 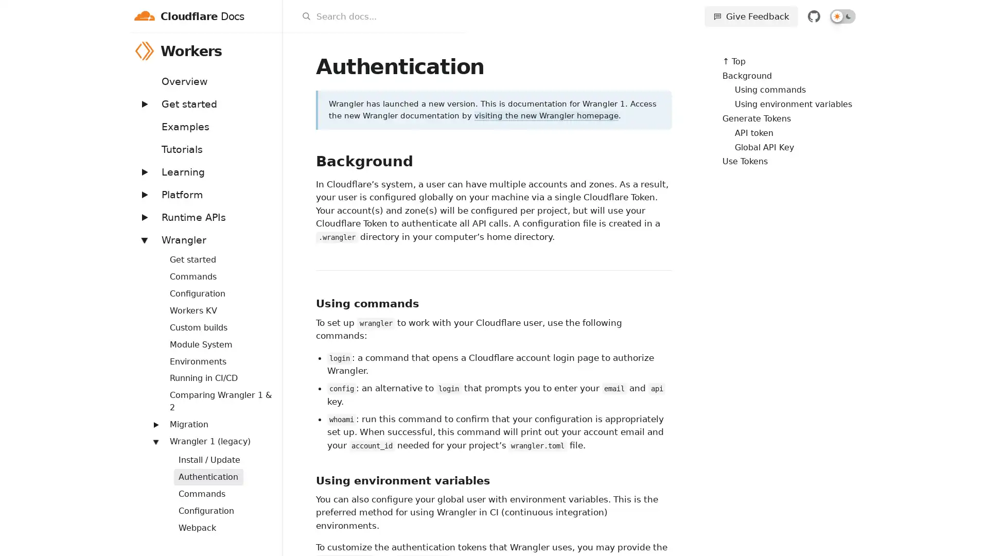 What do you see at coordinates (150, 468) in the screenshot?
I see `Expand: Workers Sites` at bounding box center [150, 468].